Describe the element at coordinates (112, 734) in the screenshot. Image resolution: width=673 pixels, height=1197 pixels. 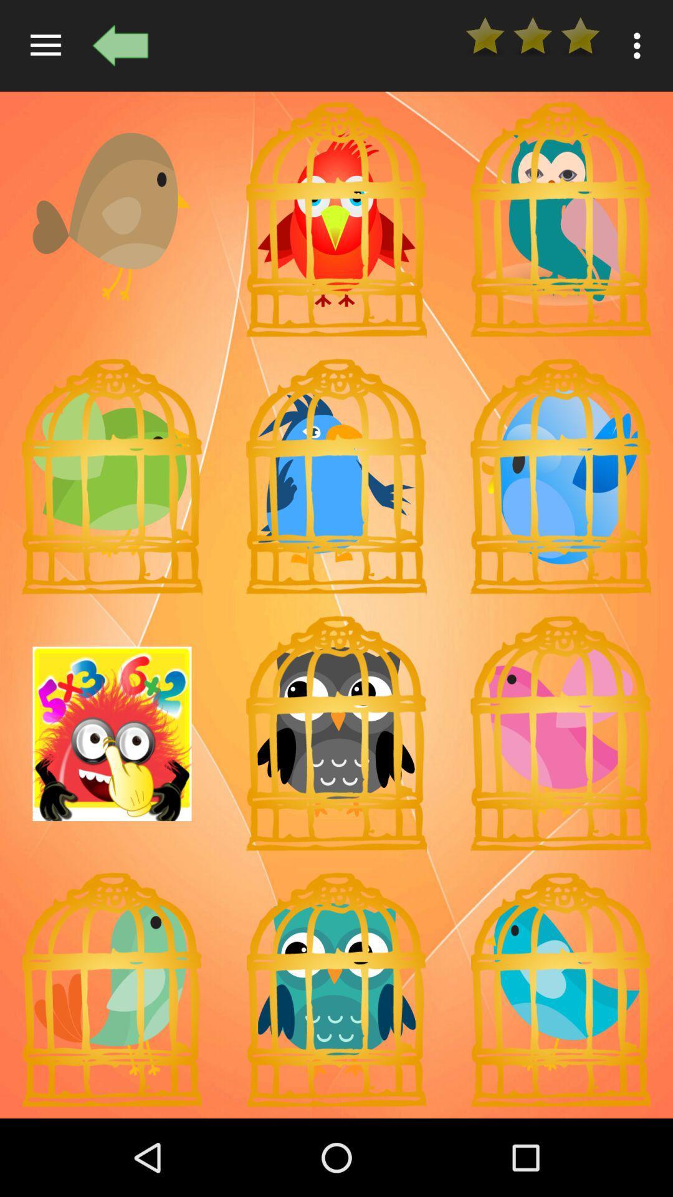
I see `click more the images` at that location.